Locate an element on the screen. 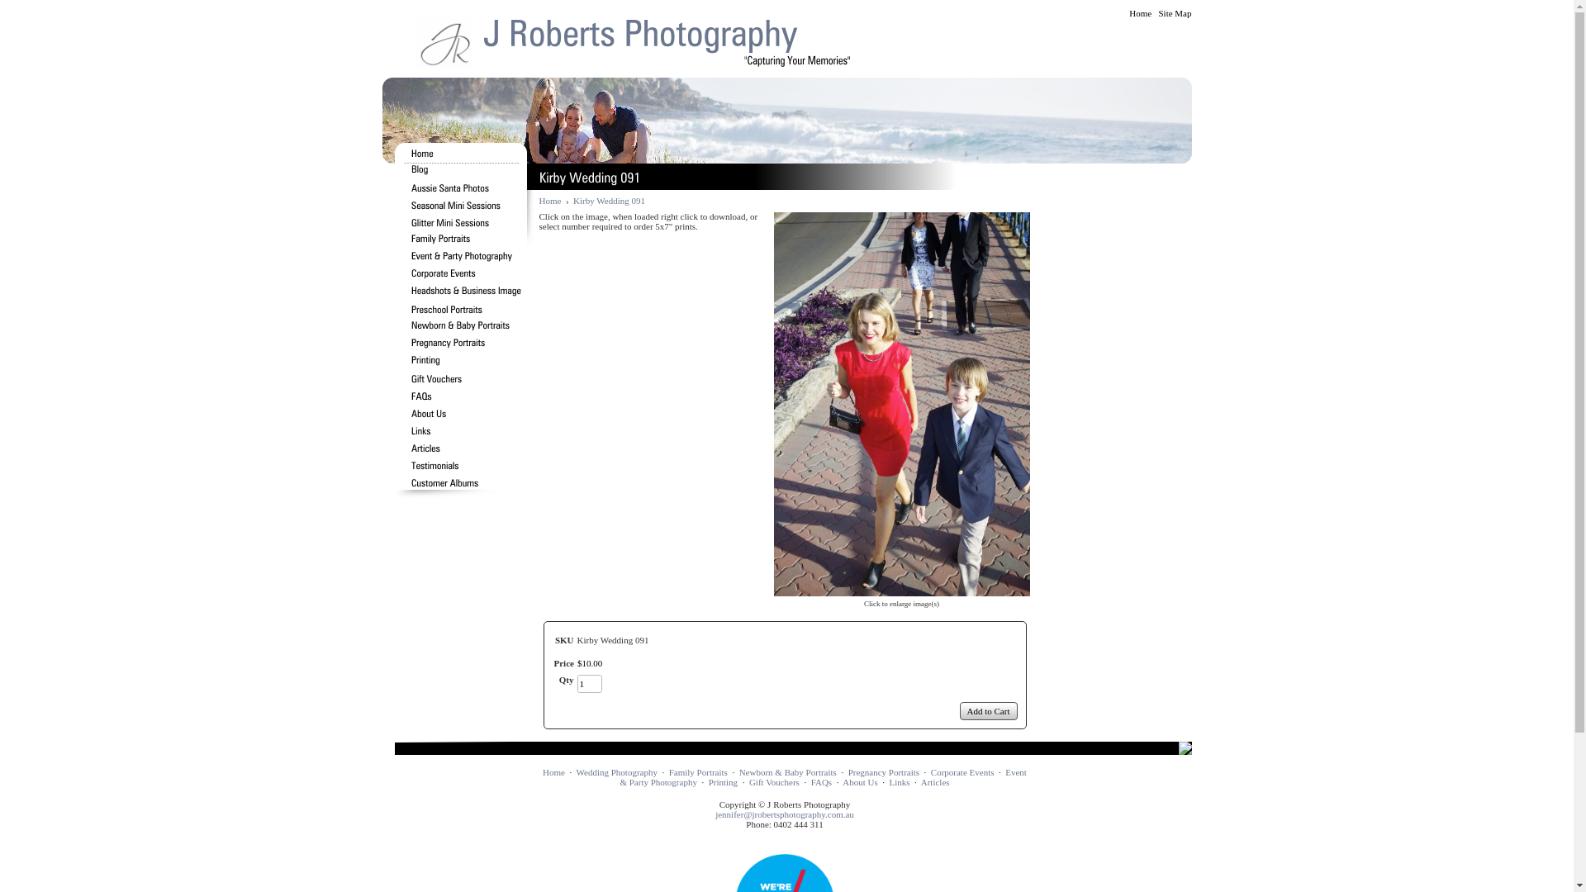 The image size is (1586, 892). 'Gift Vouchers' is located at coordinates (773, 781).